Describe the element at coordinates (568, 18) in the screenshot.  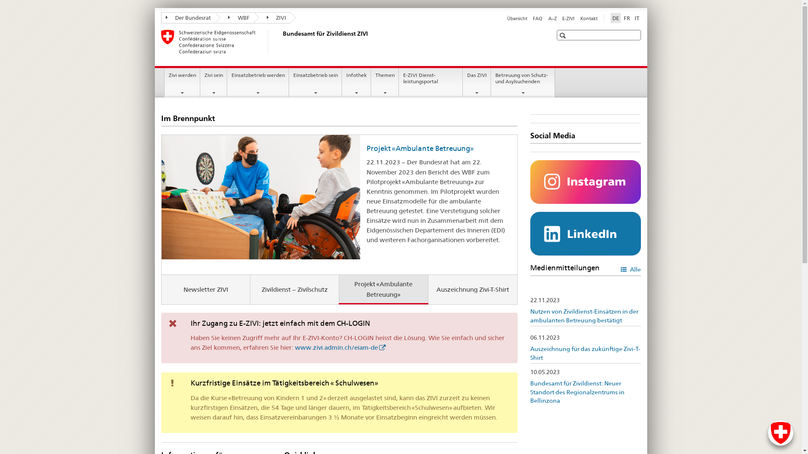
I see `'E-ZIVI'` at that location.